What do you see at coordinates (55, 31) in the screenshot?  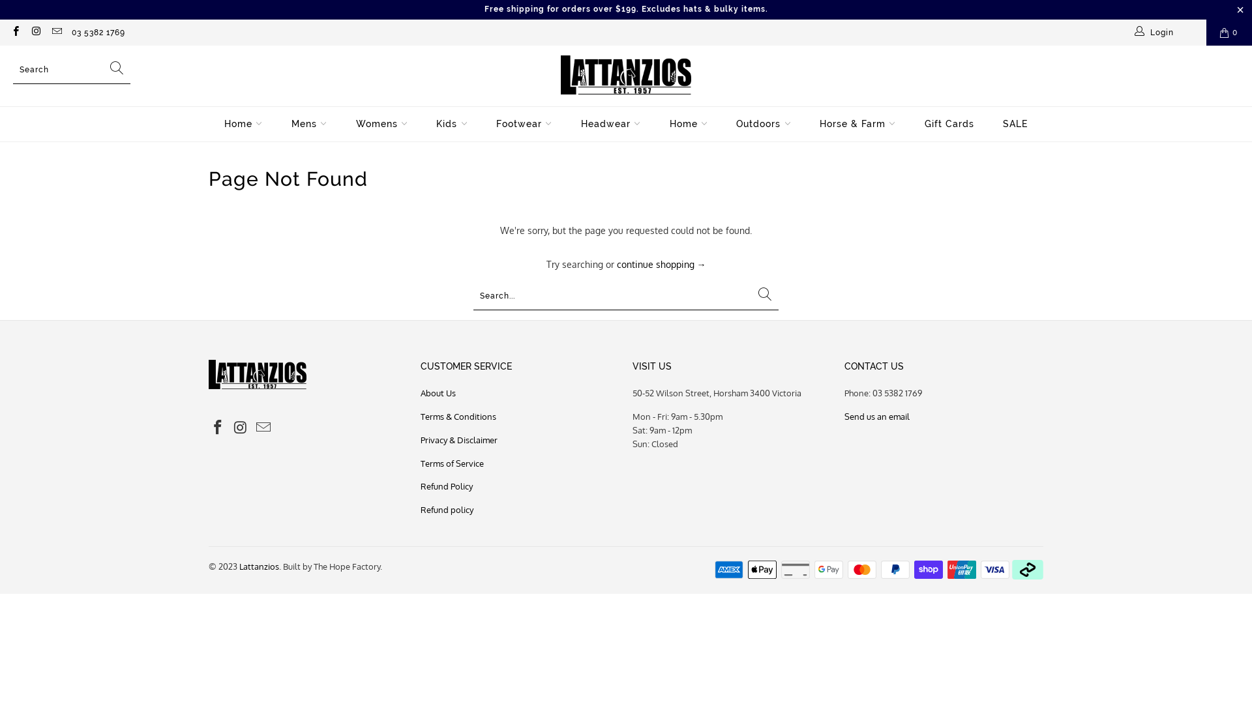 I see `'Email Lattanzios'` at bounding box center [55, 31].